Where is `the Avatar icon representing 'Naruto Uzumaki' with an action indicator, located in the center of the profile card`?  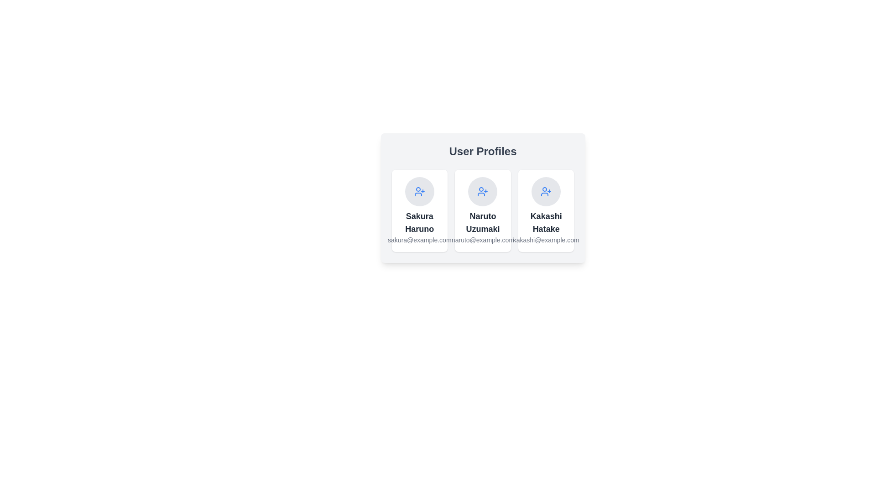 the Avatar icon representing 'Naruto Uzumaki' with an action indicator, located in the center of the profile card is located at coordinates (482, 191).